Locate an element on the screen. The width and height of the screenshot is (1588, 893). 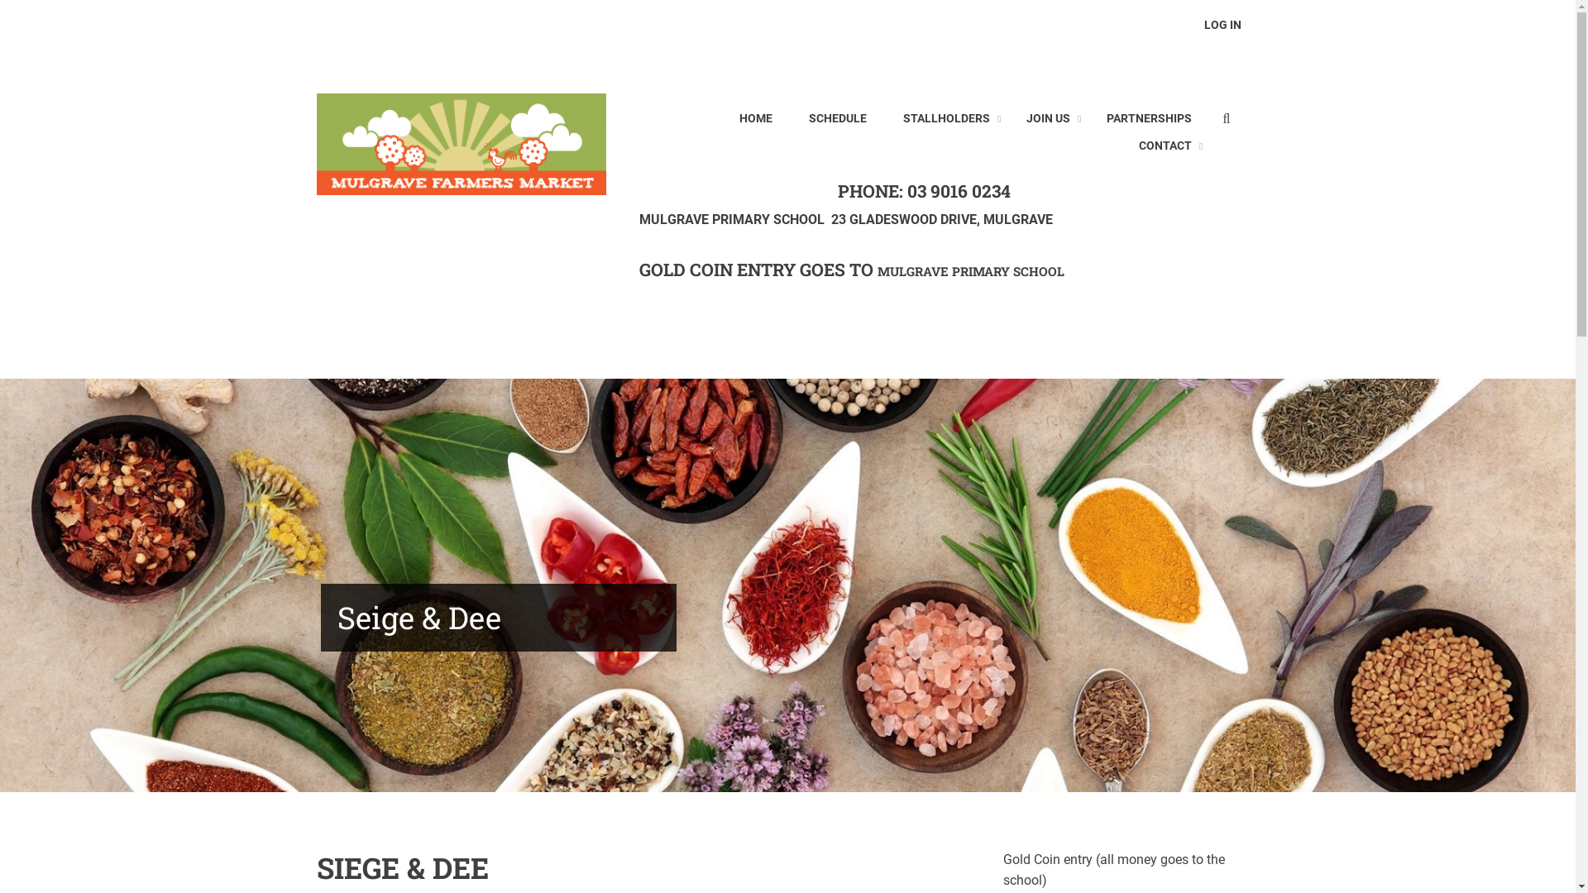
'HOME' is located at coordinates (753, 118).